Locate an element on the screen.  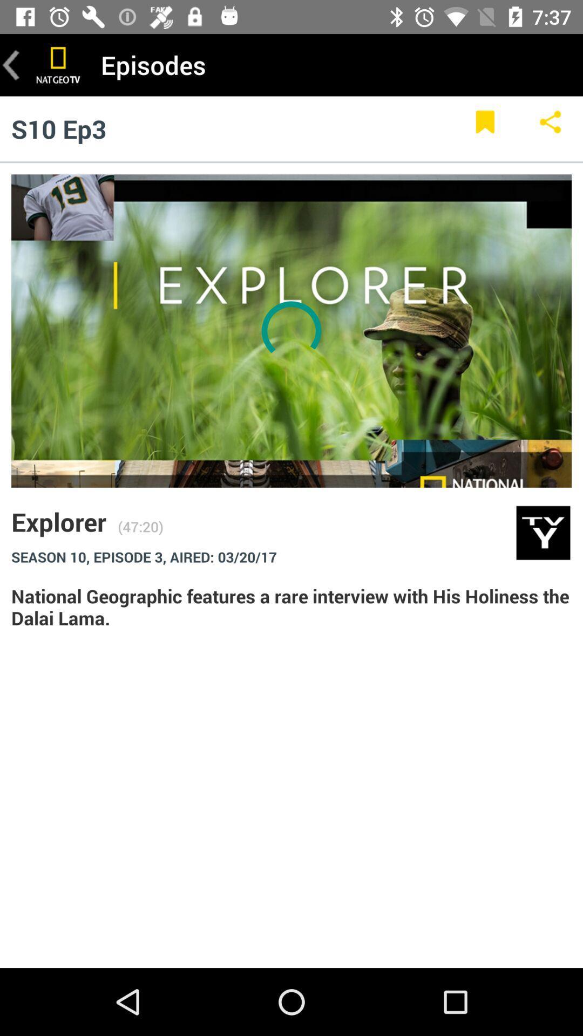
share page is located at coordinates (550, 128).